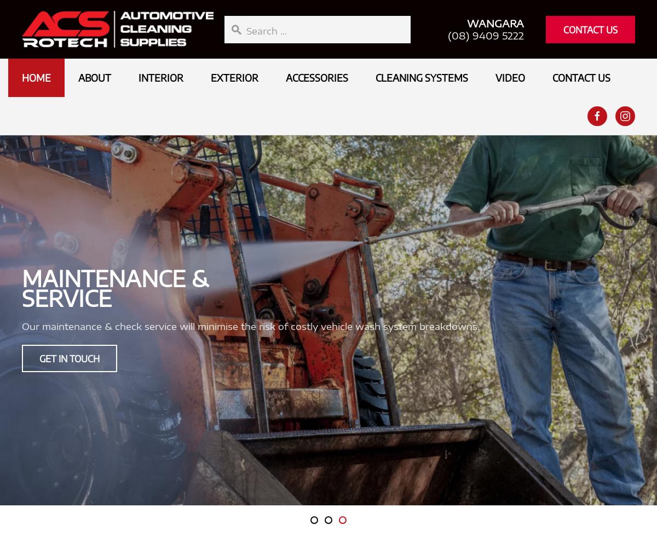 This screenshot has width=657, height=547. Describe the element at coordinates (404, 278) in the screenshot. I see `'Manufacturer &'` at that location.